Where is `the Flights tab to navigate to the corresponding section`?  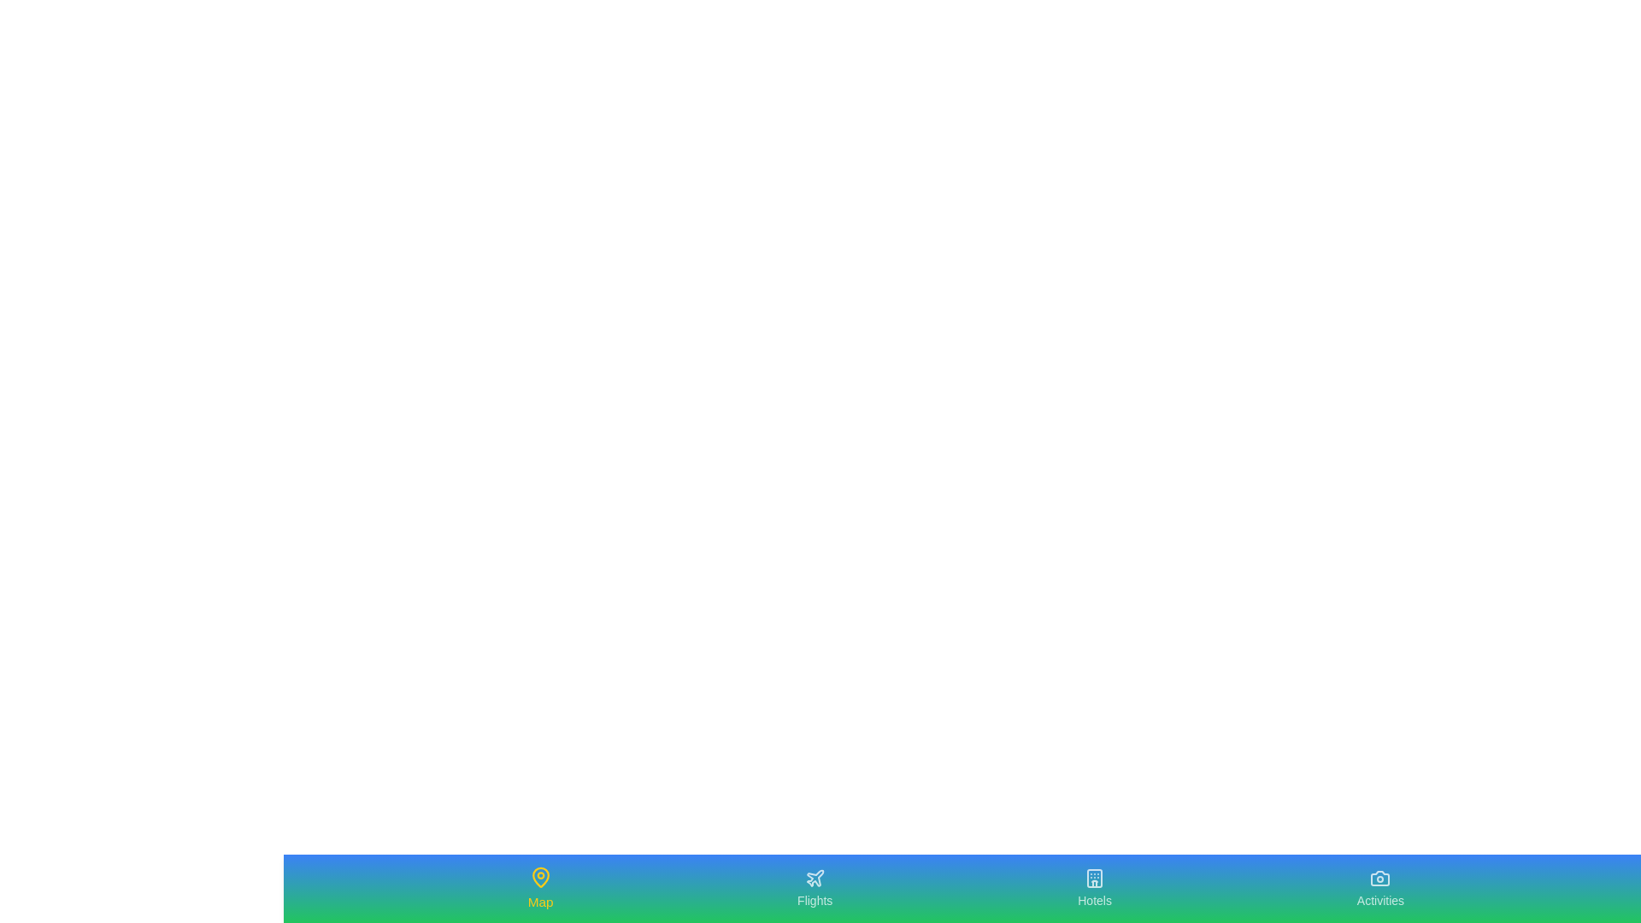 the Flights tab to navigate to the corresponding section is located at coordinates (814, 888).